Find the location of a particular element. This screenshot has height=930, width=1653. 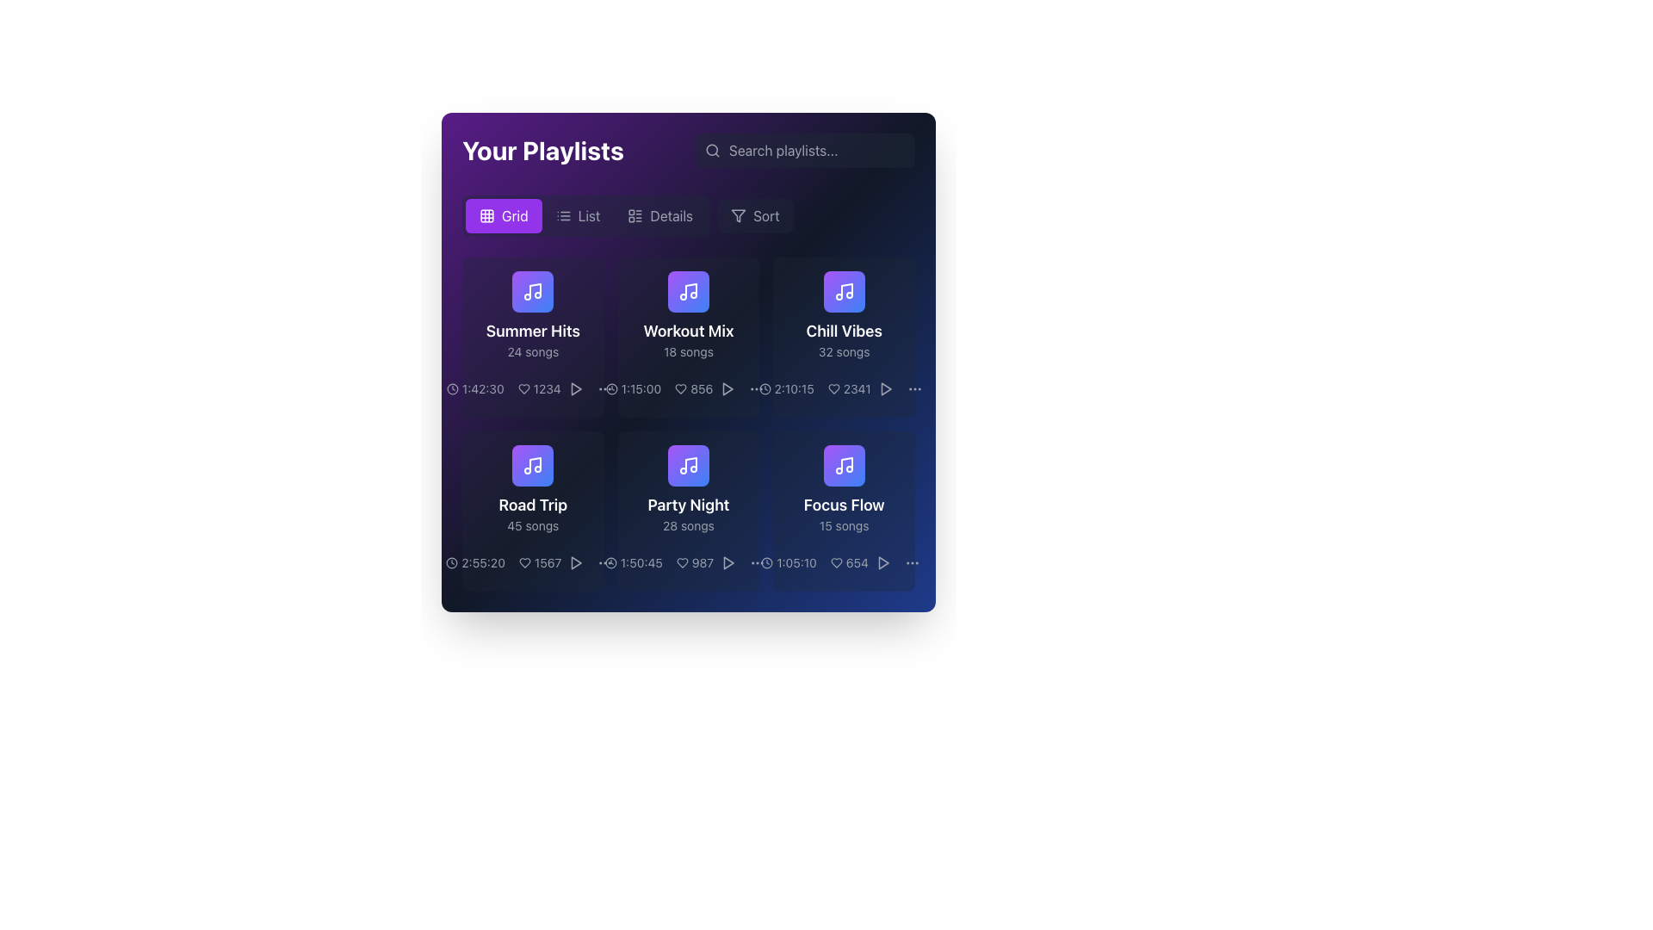

the static text label displaying the duration of the playlist next to the clock icon in the metadata row of the 'Workout Mix' playlist is located at coordinates (632, 388).